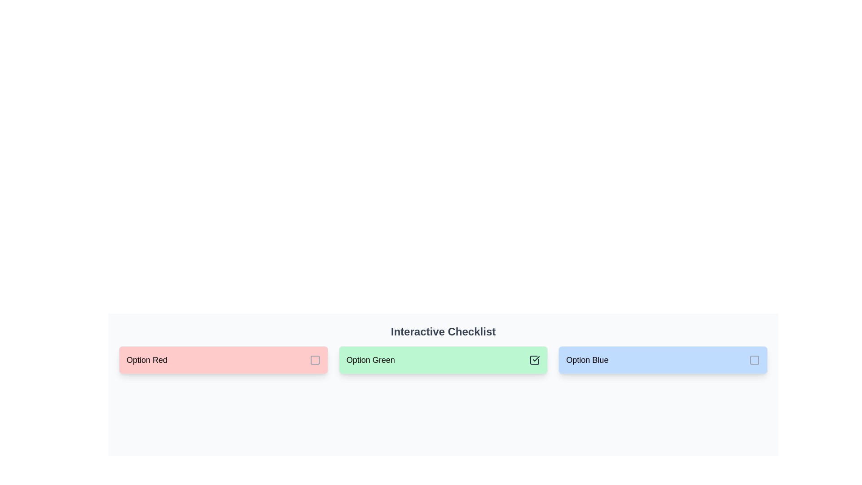 This screenshot has width=862, height=485. Describe the element at coordinates (147, 360) in the screenshot. I see `the text label displaying 'Option Red', which is bold and black on a light red background, located in the leftmost panel of three options` at that location.